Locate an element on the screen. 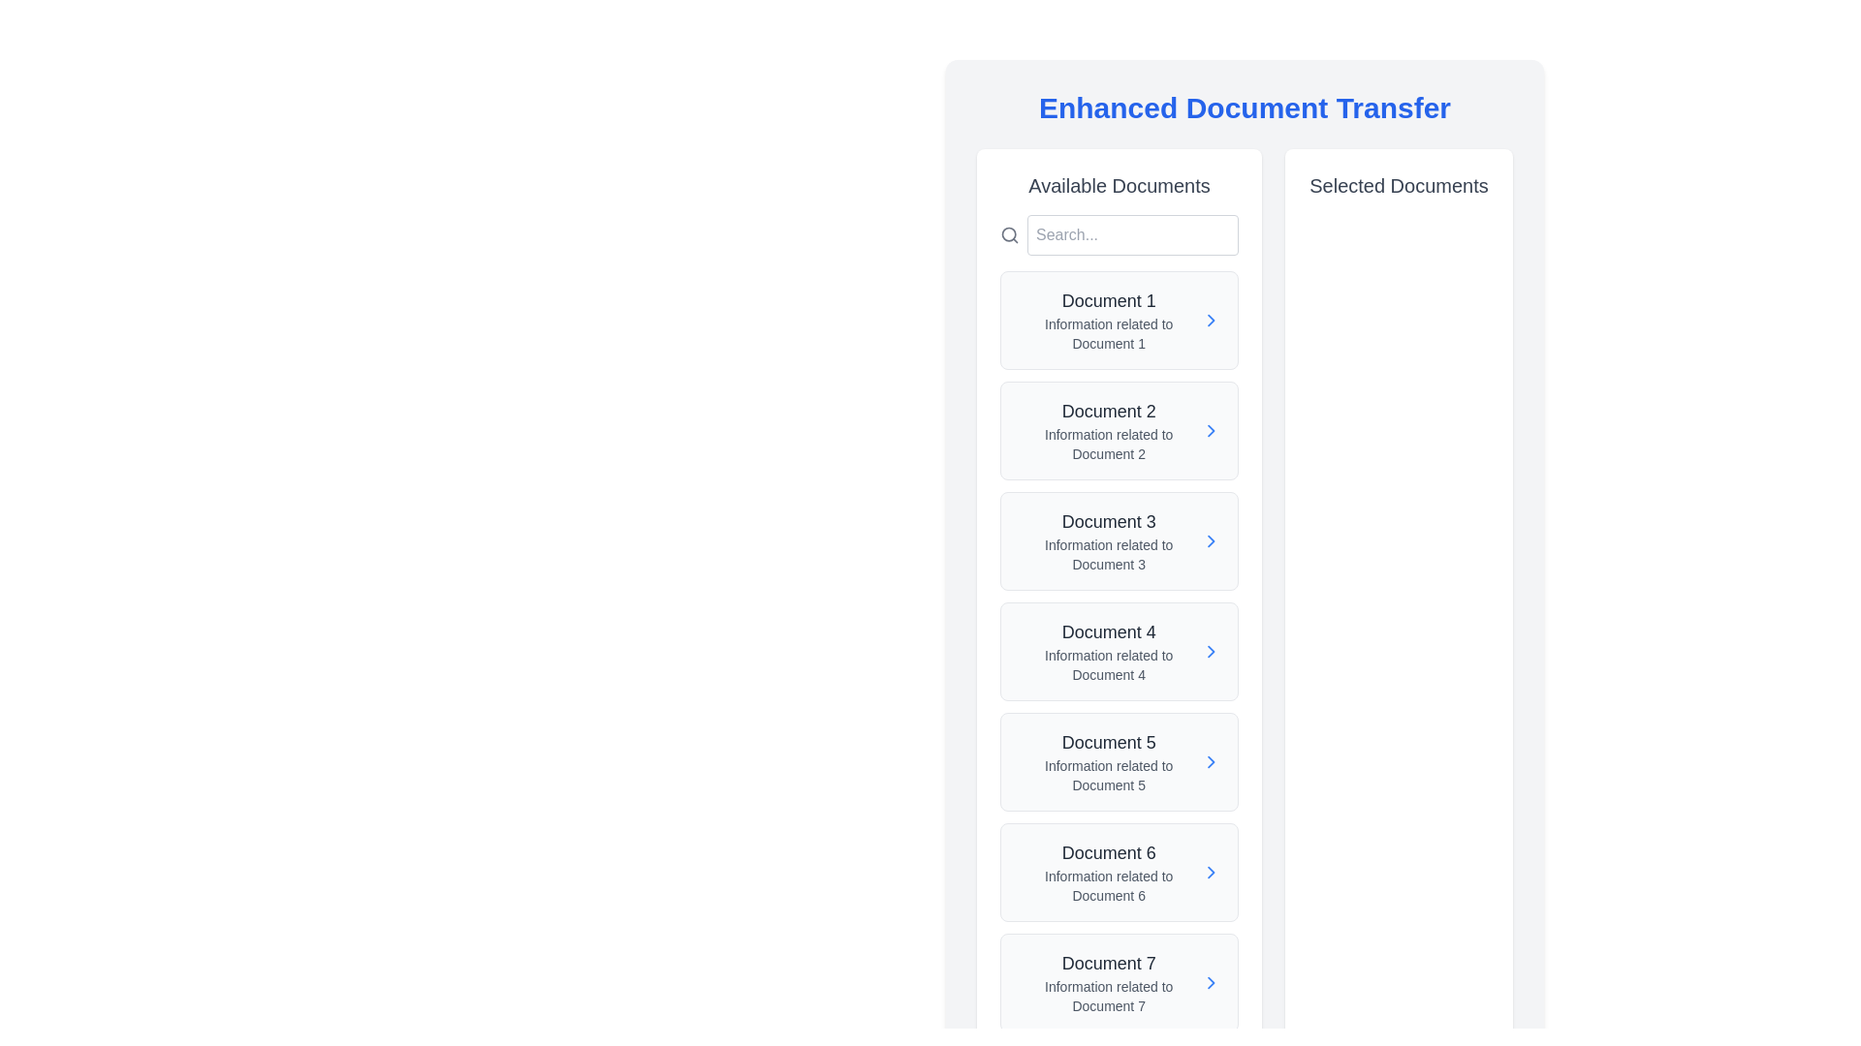  the static text element providing additional descriptive information about 'Document 6', located under its title within the sixth card of the 'Available Documents' section is located at coordinates (1109, 885).